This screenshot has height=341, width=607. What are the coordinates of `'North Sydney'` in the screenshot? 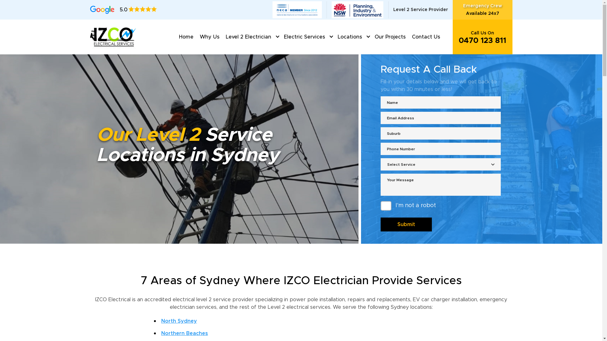 It's located at (179, 321).